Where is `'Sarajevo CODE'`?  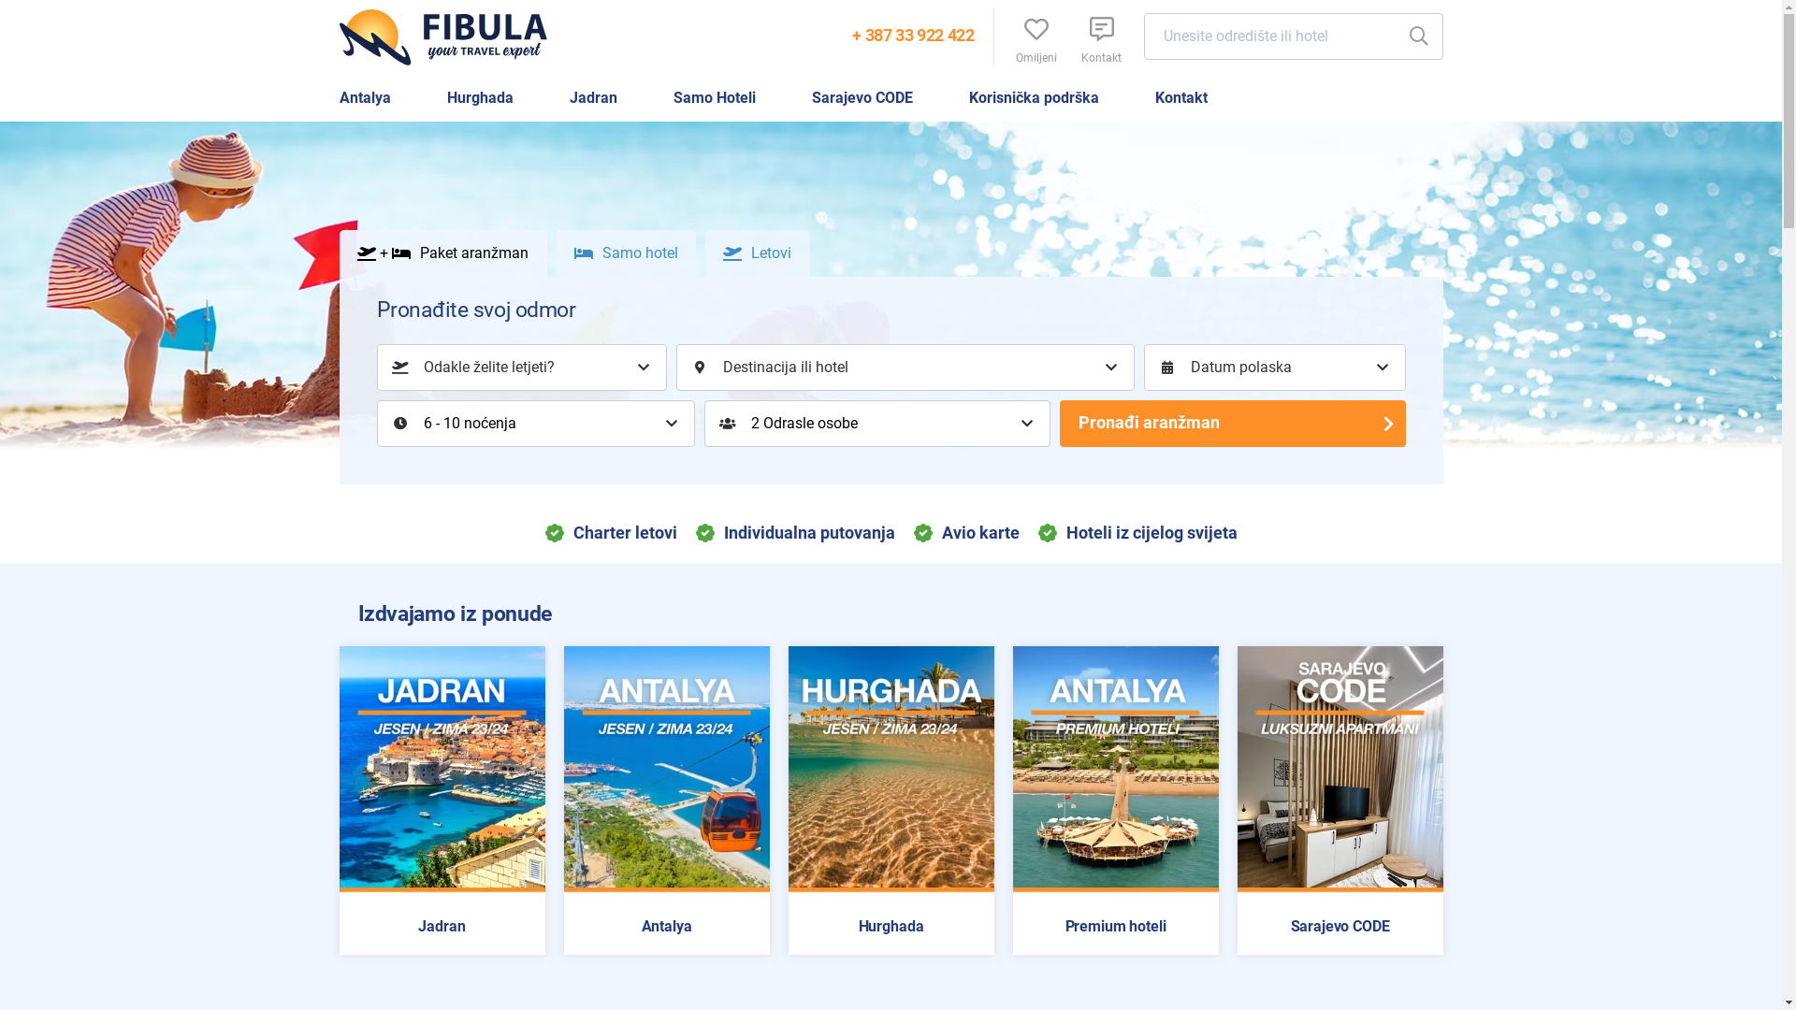 'Sarajevo CODE' is located at coordinates (1338, 927).